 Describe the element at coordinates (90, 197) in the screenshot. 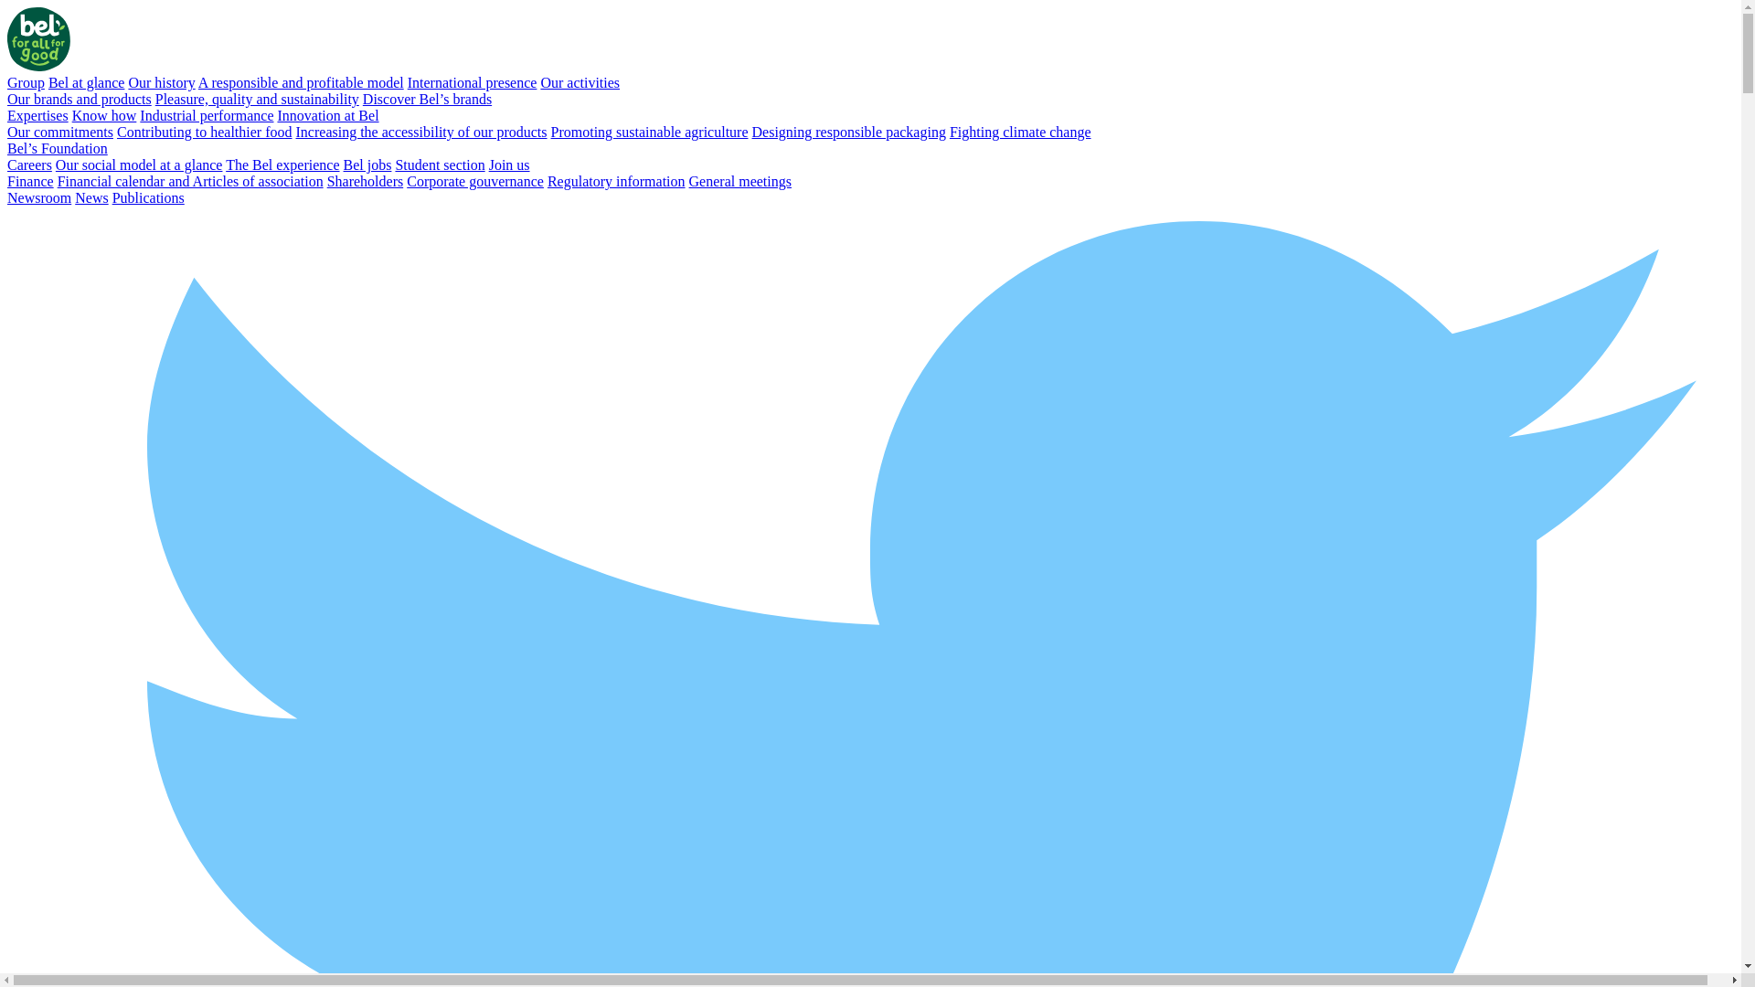

I see `'News'` at that location.